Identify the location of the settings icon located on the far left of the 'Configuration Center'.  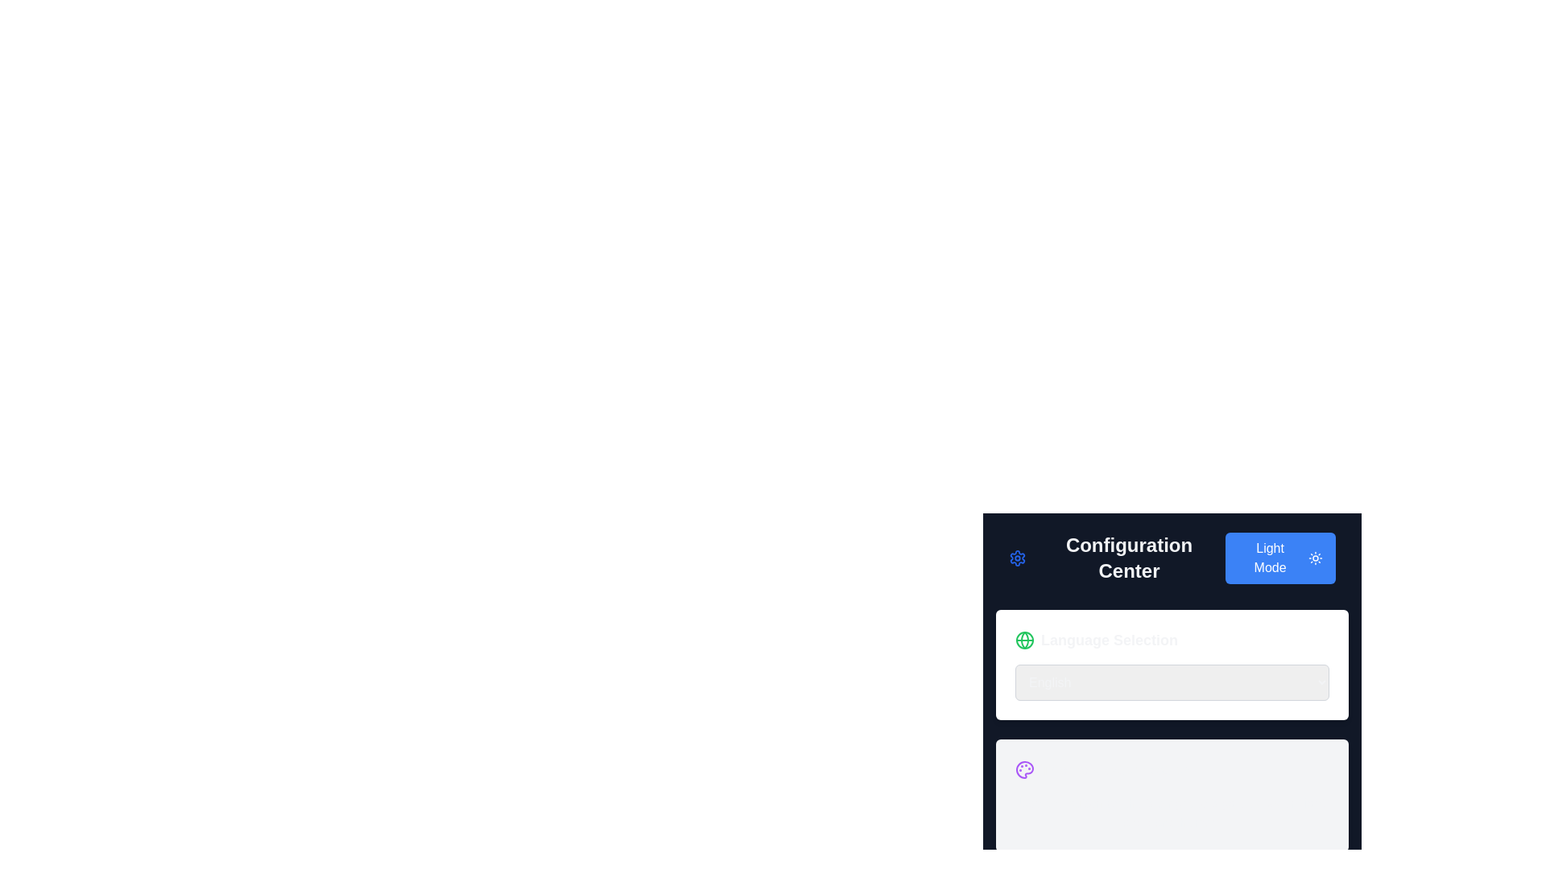
(1016, 558).